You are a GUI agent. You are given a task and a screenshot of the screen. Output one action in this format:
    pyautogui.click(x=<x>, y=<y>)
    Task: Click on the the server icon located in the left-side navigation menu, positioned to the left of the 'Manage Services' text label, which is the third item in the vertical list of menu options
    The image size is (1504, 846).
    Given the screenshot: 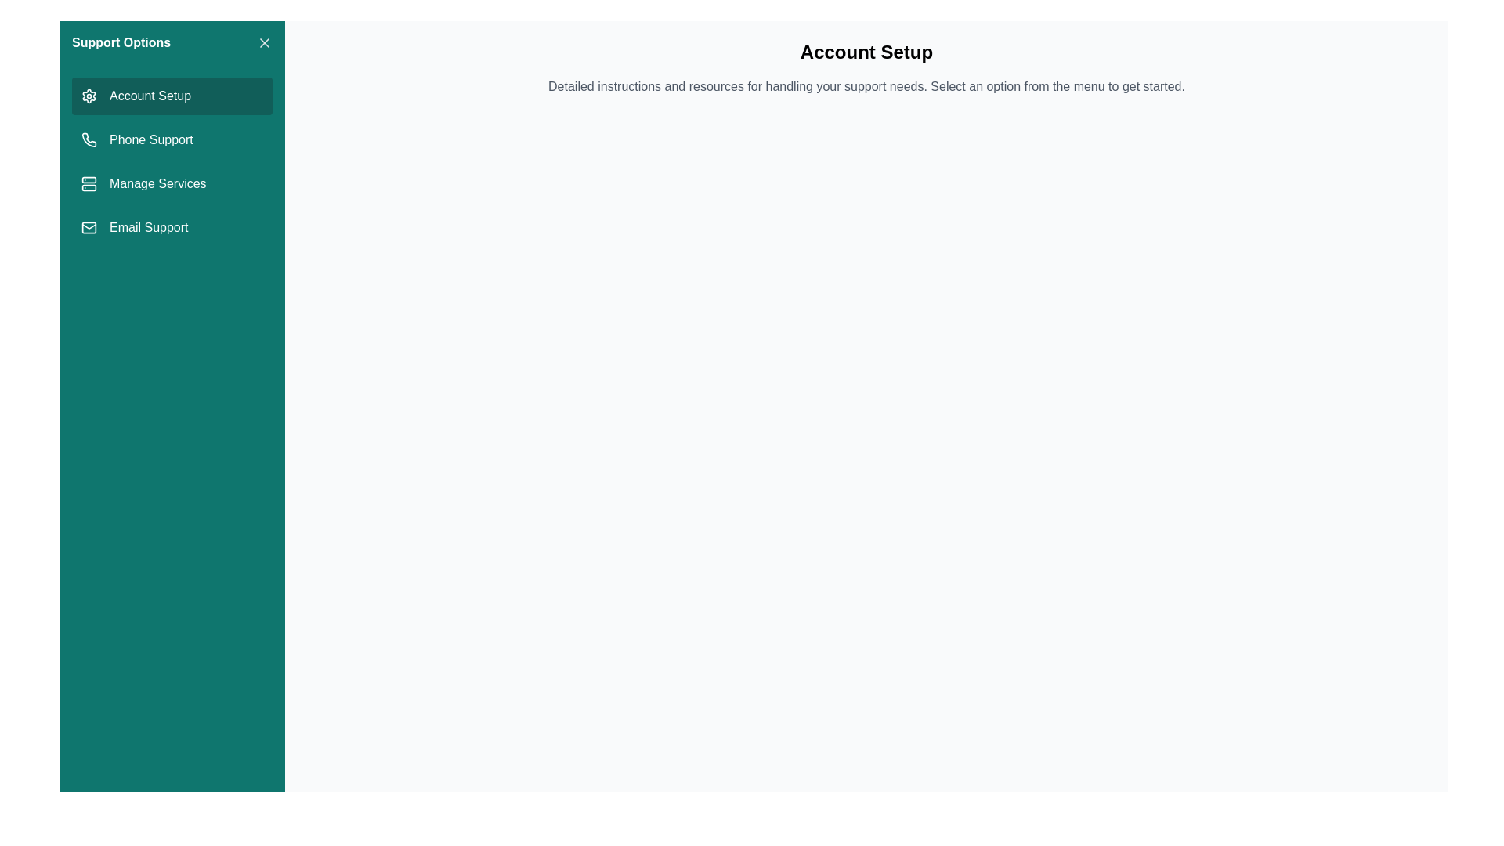 What is the action you would take?
    pyautogui.click(x=89, y=183)
    